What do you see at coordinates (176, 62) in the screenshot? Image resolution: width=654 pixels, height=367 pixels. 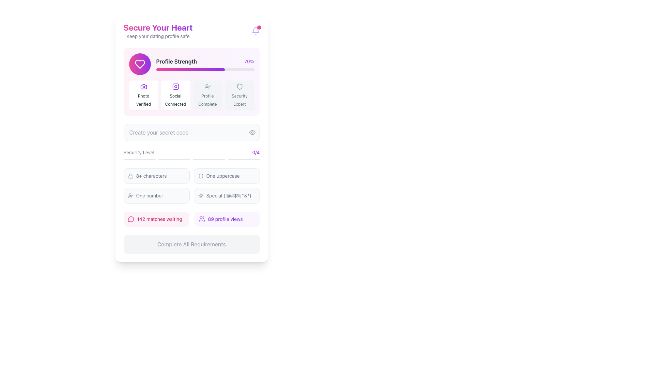 I see `the text label that indicates the profile's strength, located above the progress bar and next to the '70%' text` at bounding box center [176, 62].